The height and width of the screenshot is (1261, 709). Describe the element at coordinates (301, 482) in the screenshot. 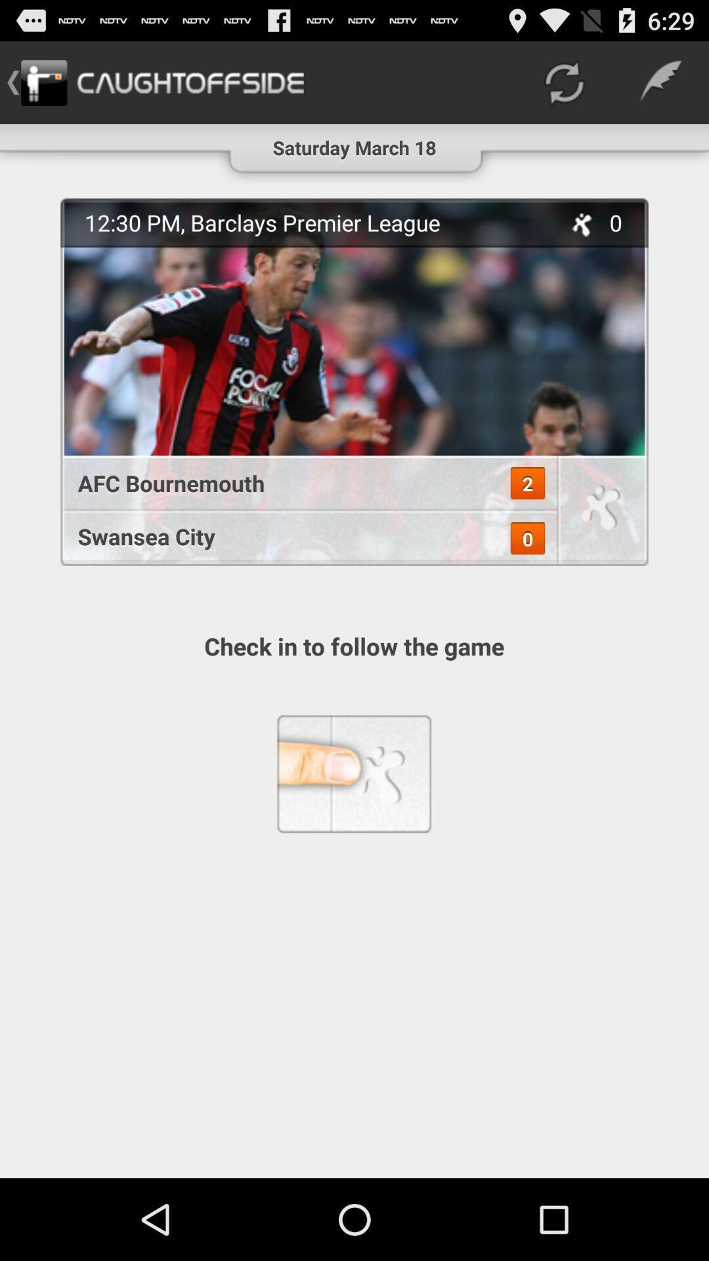

I see `the afc bournemouth icon` at that location.